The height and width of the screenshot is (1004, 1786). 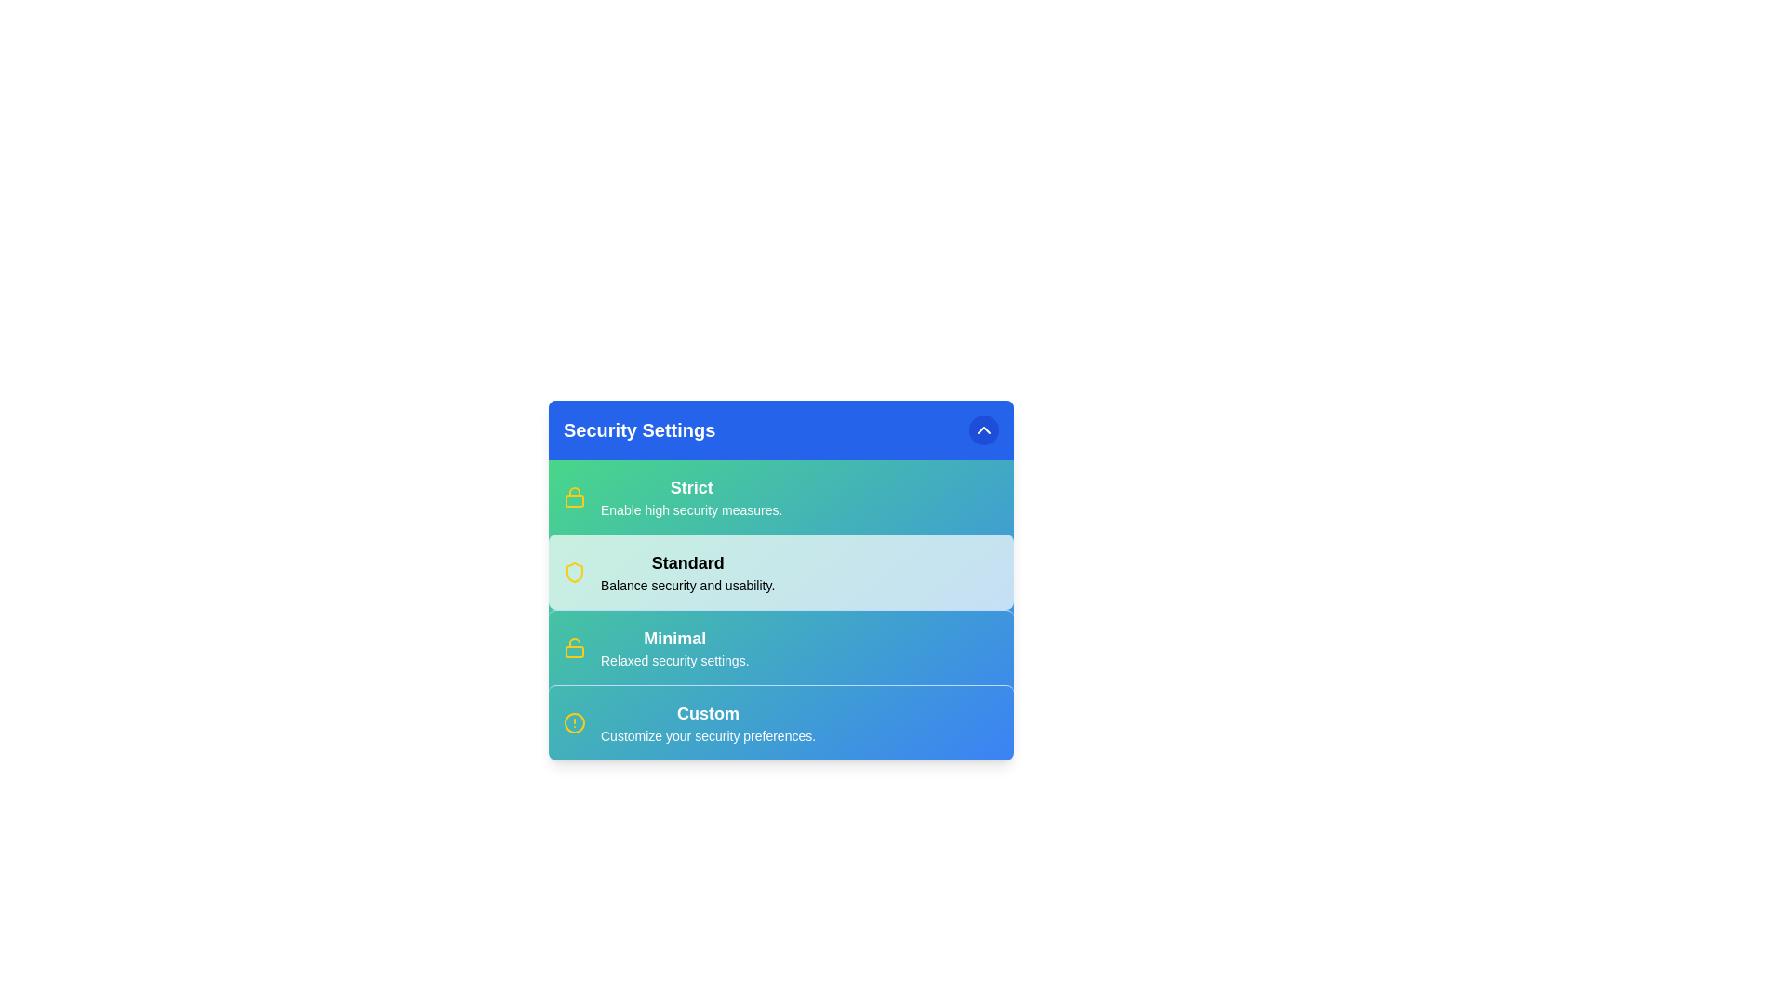 What do you see at coordinates (707, 712) in the screenshot?
I see `the security option Custom to read its description` at bounding box center [707, 712].